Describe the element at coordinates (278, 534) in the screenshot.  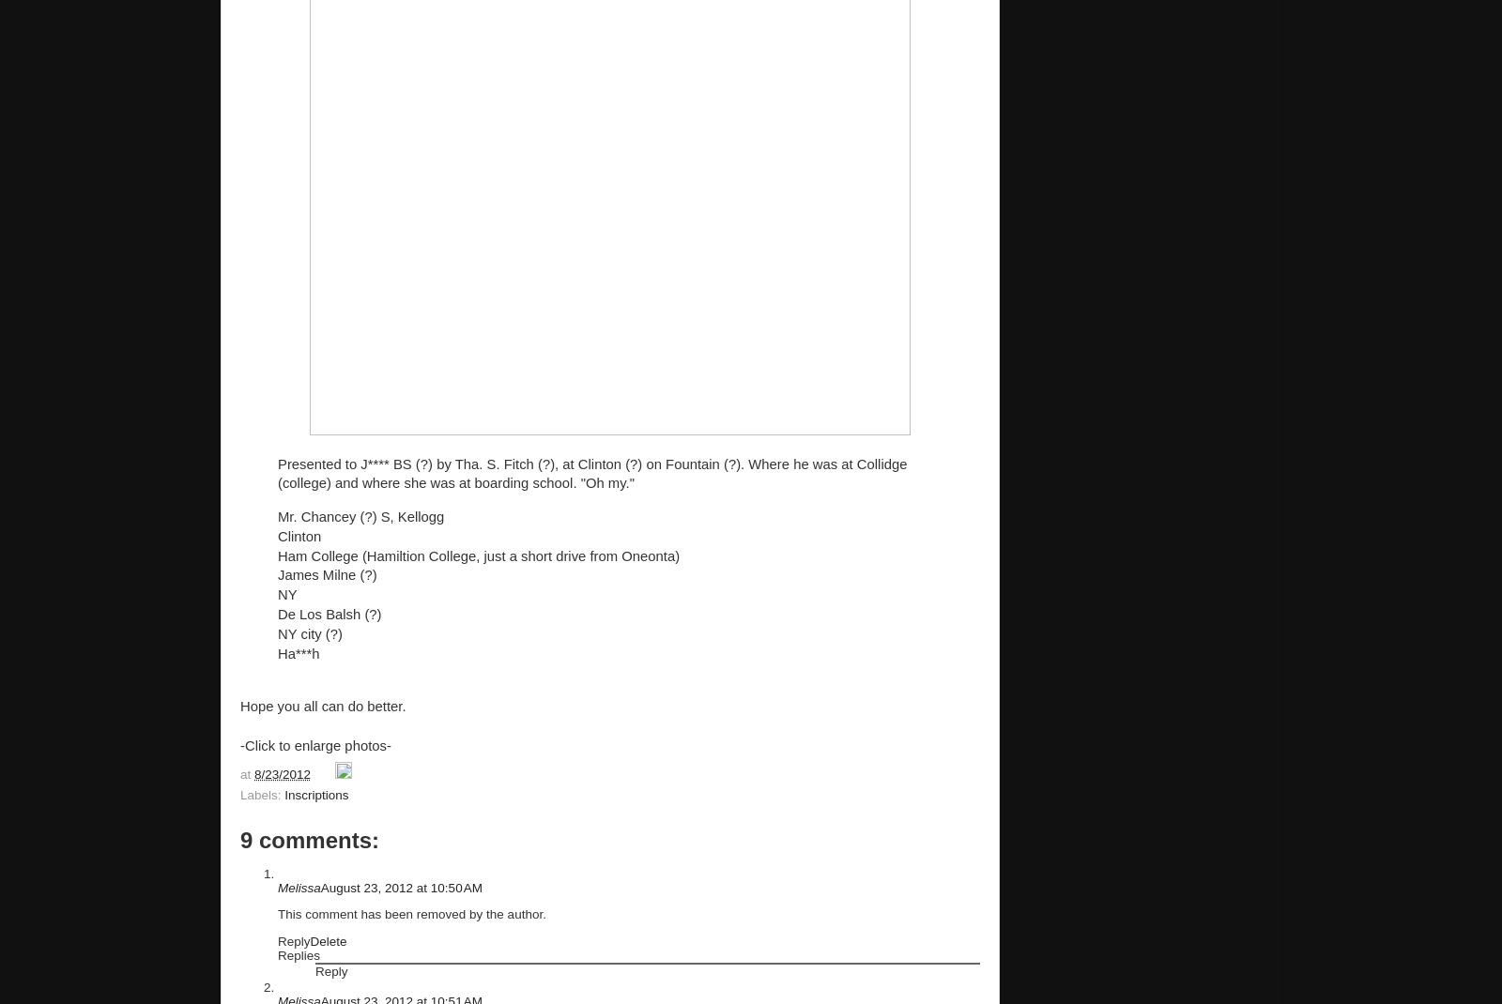
I see `'Clinton'` at that location.